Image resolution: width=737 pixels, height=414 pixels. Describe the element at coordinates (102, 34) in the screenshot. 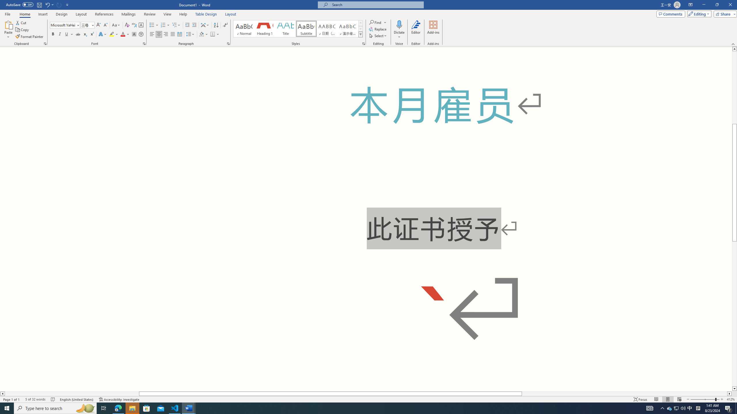

I see `'Text Effects and Typography'` at that location.